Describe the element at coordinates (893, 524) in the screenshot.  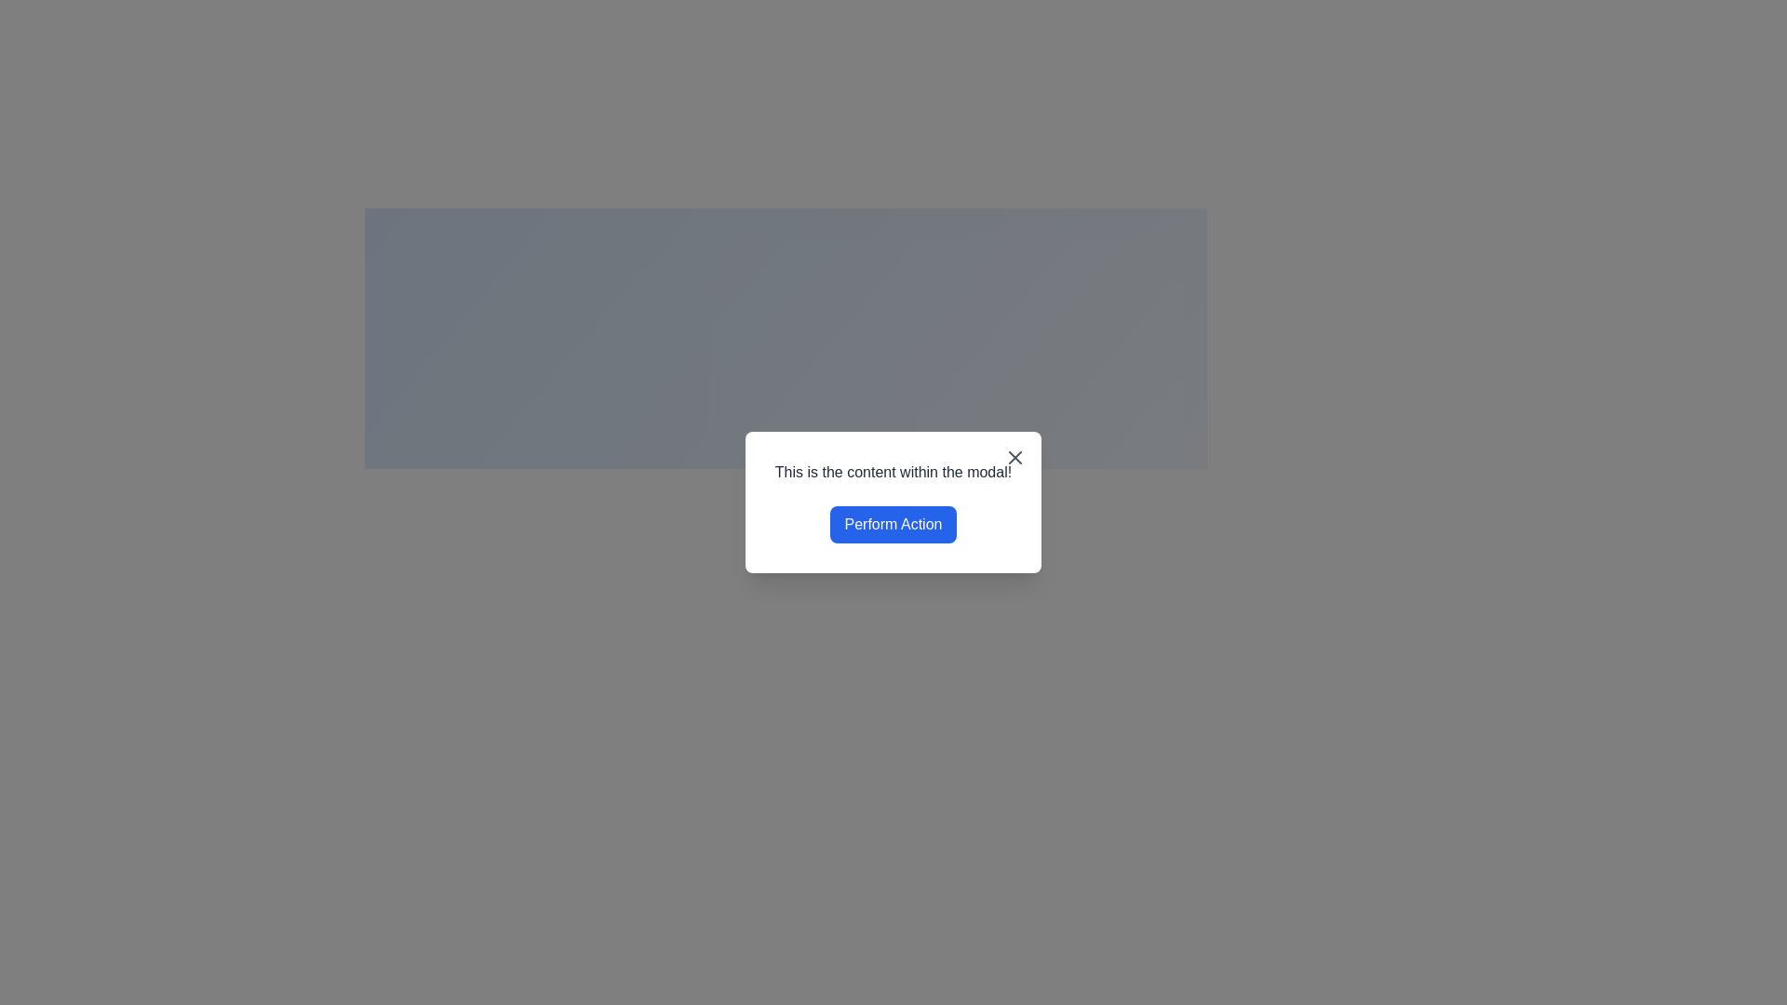
I see `the button located at the bottom center of the modal window` at that location.